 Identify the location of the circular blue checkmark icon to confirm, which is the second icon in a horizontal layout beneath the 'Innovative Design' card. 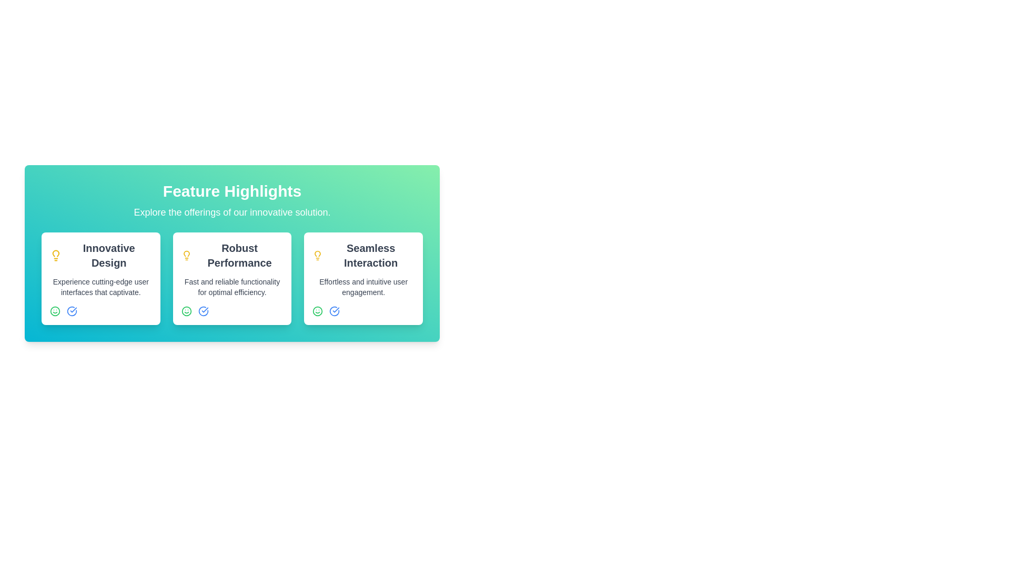
(72, 310).